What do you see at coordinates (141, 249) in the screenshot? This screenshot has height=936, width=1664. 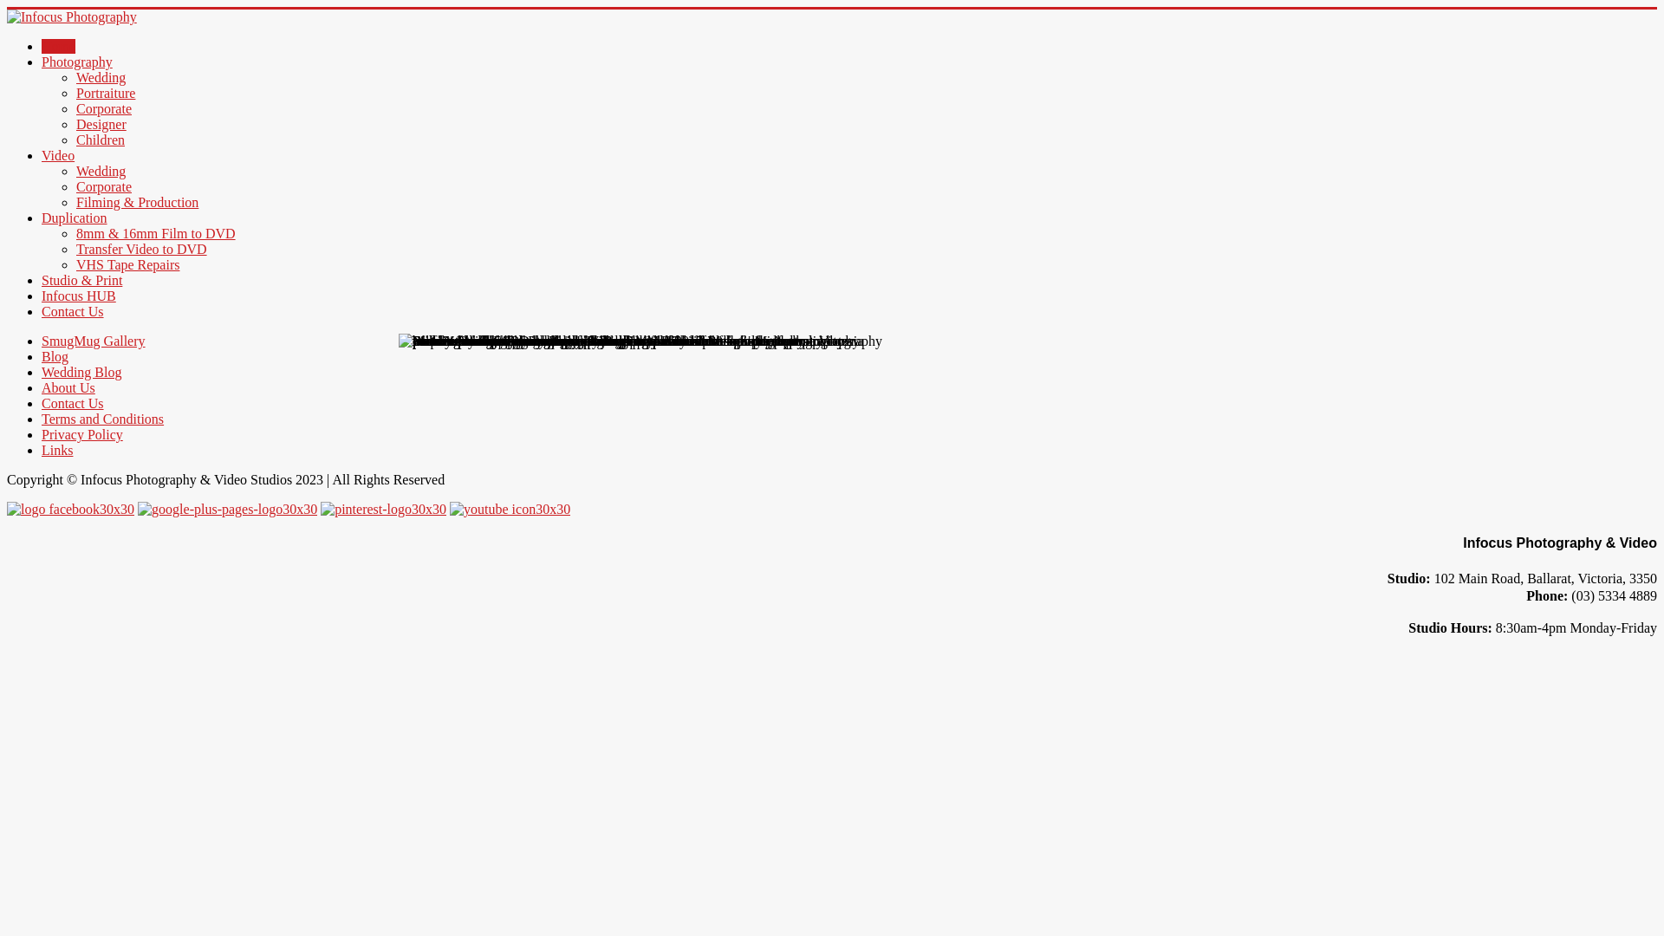 I see `'Transfer Video to DVD'` at bounding box center [141, 249].